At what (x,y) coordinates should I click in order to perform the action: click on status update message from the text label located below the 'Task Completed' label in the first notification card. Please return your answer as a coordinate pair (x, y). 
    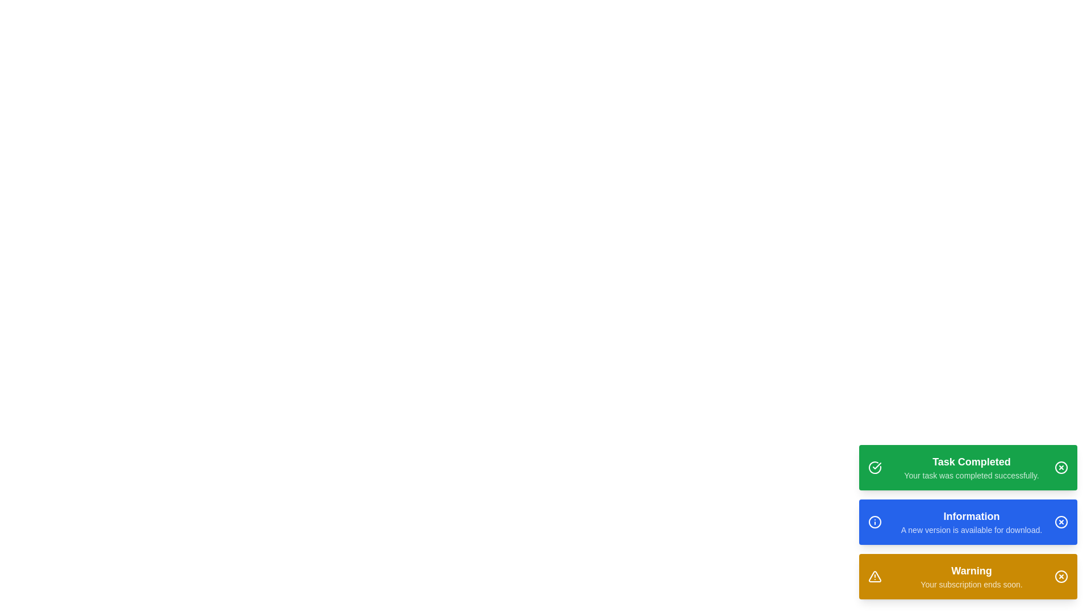
    Looking at the image, I should click on (971, 475).